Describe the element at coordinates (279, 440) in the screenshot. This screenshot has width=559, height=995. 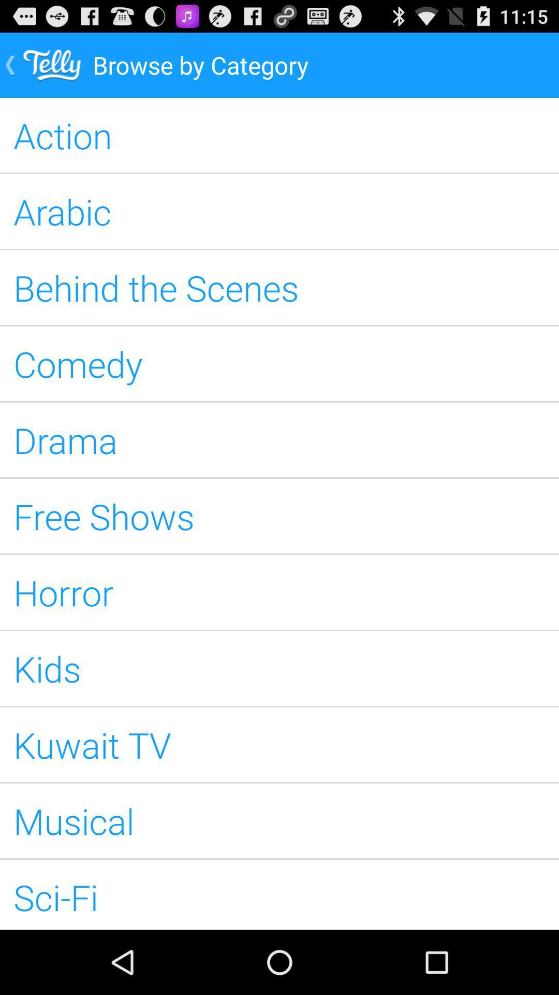
I see `the item below comedy item` at that location.